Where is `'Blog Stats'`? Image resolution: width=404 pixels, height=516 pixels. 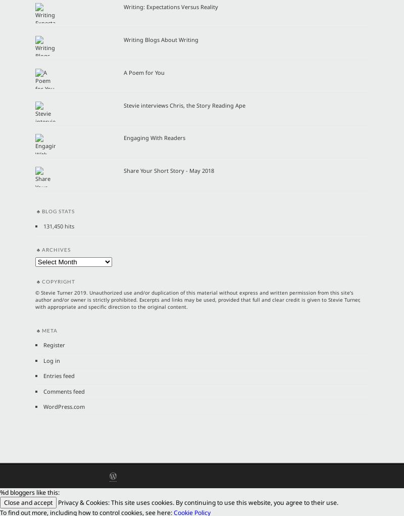 'Blog Stats' is located at coordinates (58, 210).